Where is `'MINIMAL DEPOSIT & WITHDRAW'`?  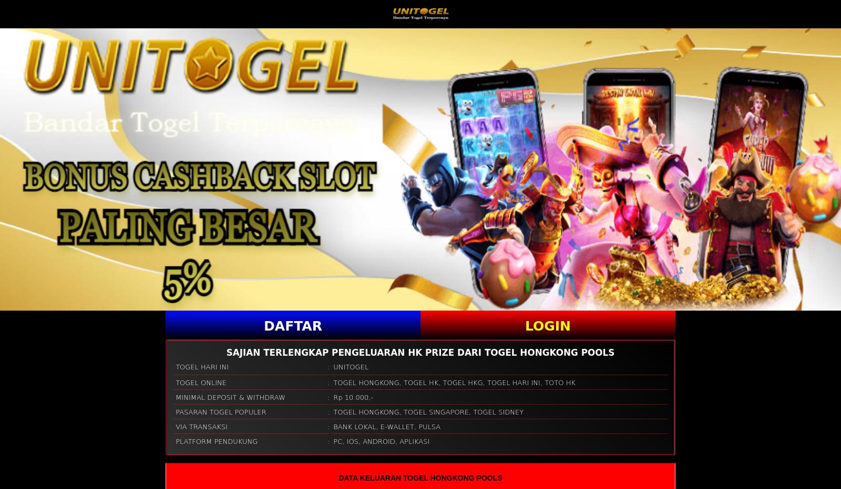 'MINIMAL DEPOSIT & WITHDRAW' is located at coordinates (229, 396).